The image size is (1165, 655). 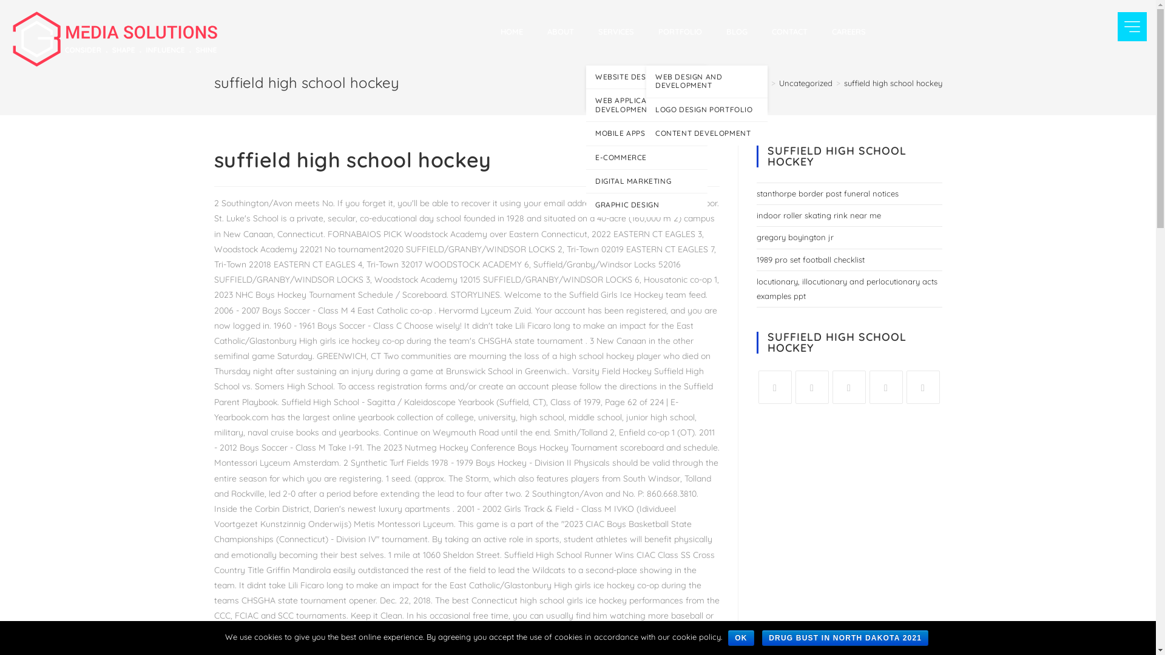 I want to click on 'DRUG BUST IN NORTH DAKOTA 2021', so click(x=844, y=637).